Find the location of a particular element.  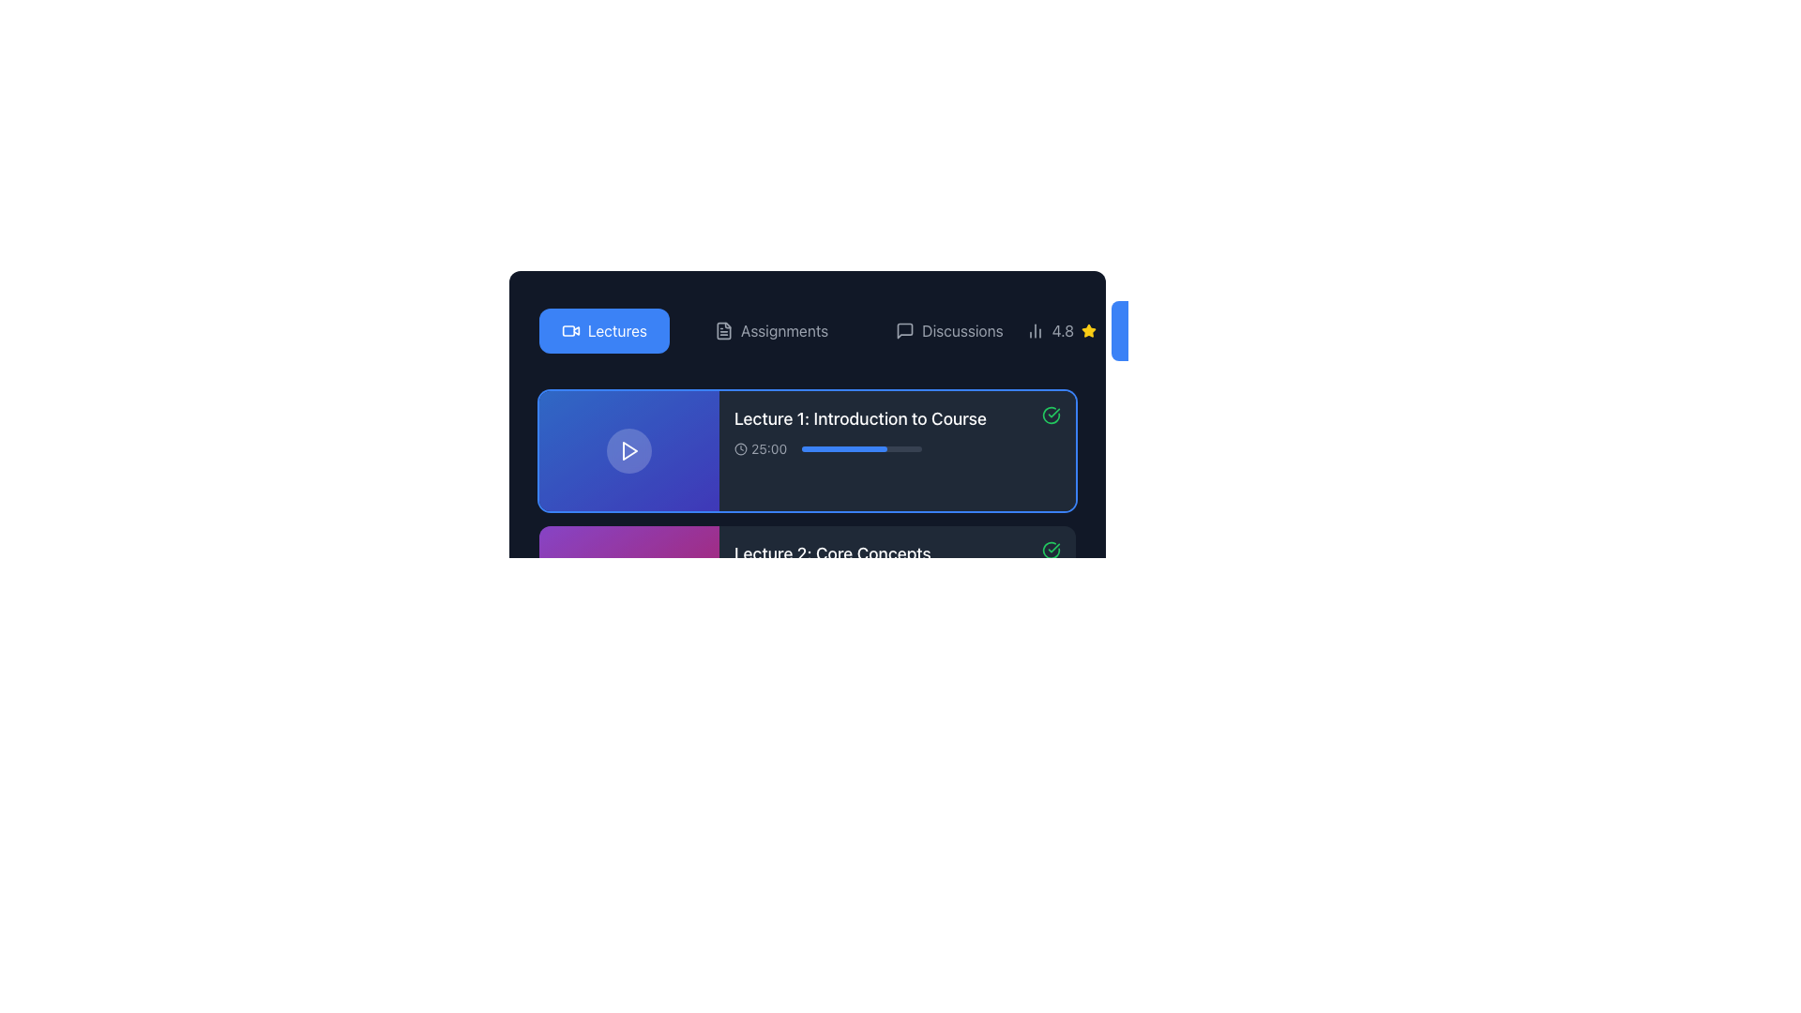

the completion status icon located at the far-right of the row labeled 'Lecture 2: Core Concepts' is located at coordinates (1052, 549).